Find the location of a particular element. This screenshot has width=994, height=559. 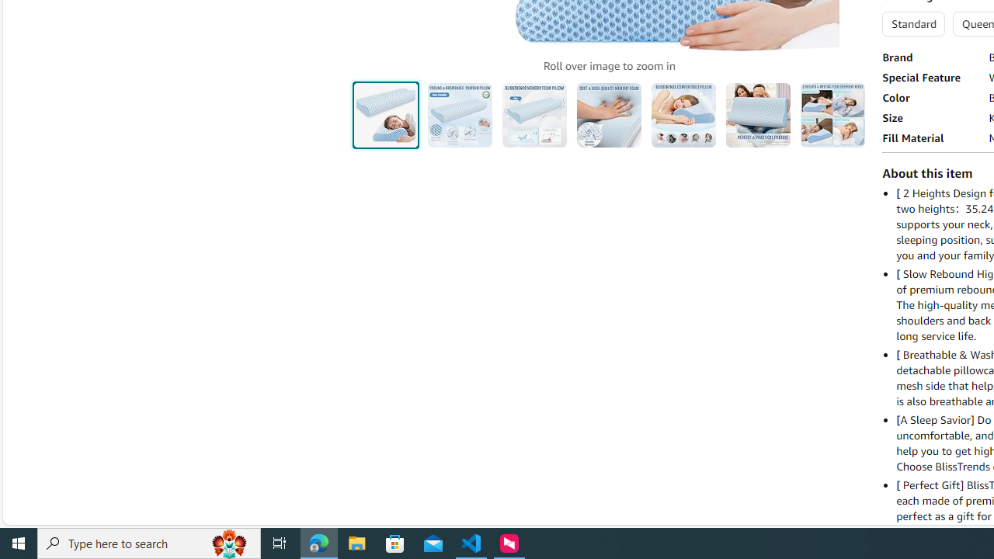

'Standard' is located at coordinates (913, 23).